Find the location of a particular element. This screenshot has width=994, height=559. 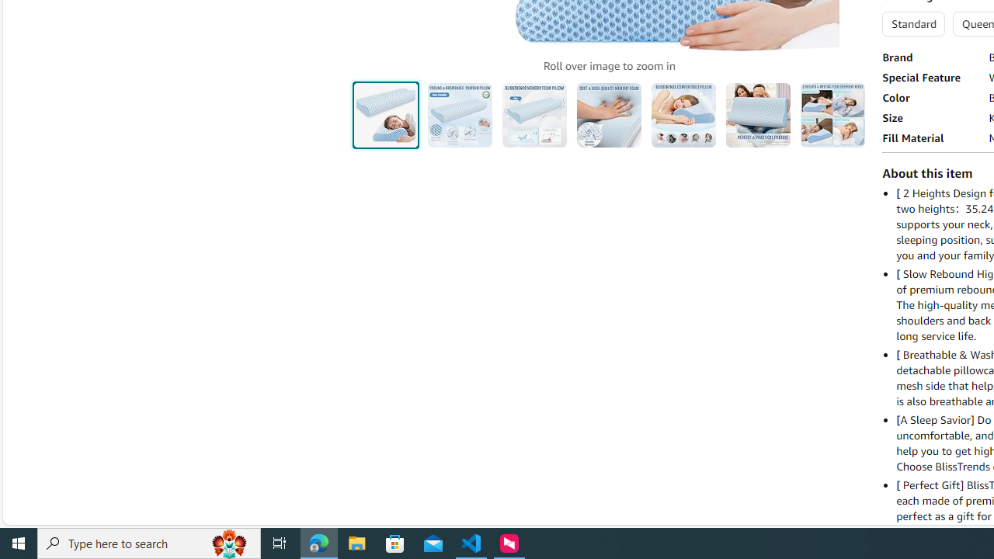

'Standard' is located at coordinates (913, 23).